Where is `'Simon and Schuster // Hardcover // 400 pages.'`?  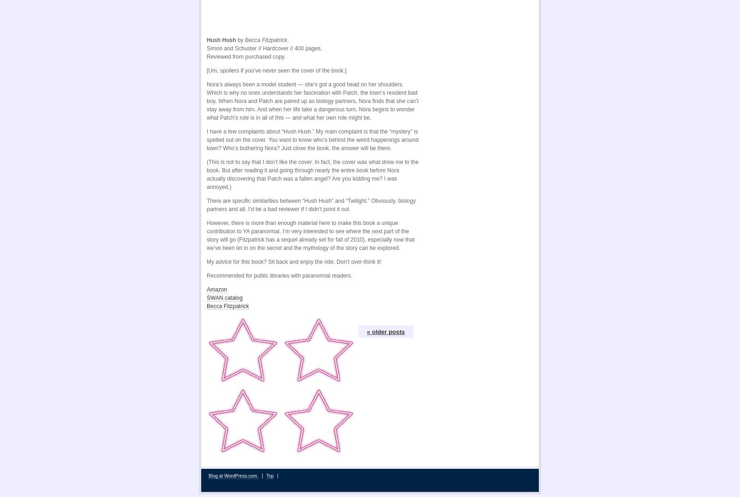
'Simon and Schuster // Hardcover // 400 pages.' is located at coordinates (264, 45).